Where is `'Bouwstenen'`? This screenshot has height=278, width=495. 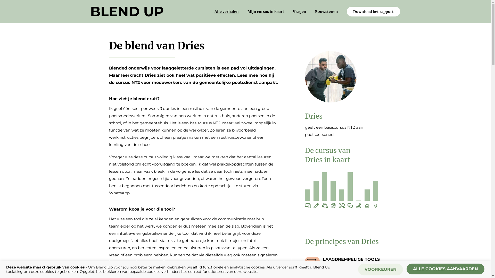
'Bouwstenen' is located at coordinates (315, 12).